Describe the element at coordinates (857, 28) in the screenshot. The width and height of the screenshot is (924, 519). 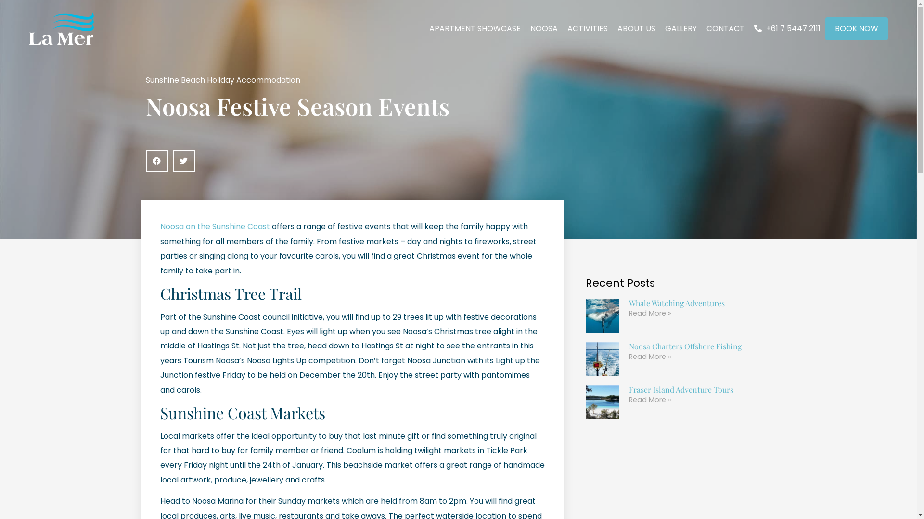
I see `'BOOK NOW'` at that location.